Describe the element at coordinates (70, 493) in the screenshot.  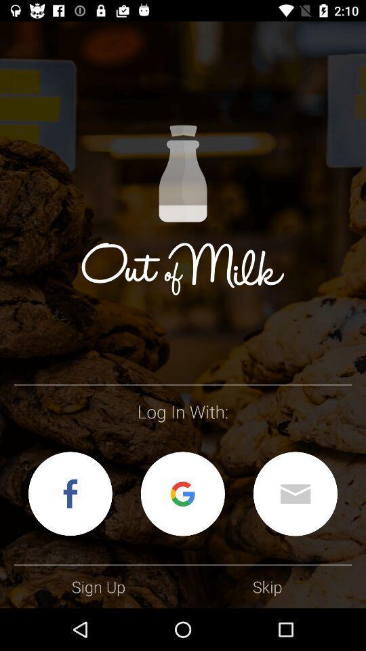
I see `use facebook account` at that location.